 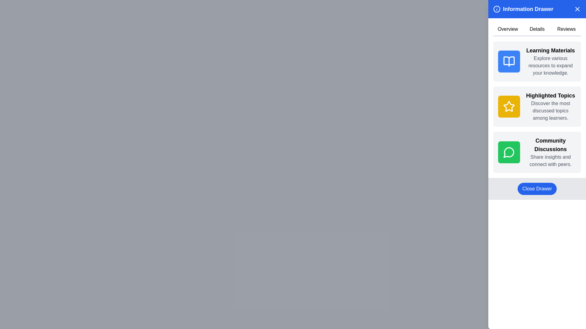 What do you see at coordinates (537, 30) in the screenshot?
I see `the 'Overview' tab in the Horizontal Tab Navigation Bar` at bounding box center [537, 30].